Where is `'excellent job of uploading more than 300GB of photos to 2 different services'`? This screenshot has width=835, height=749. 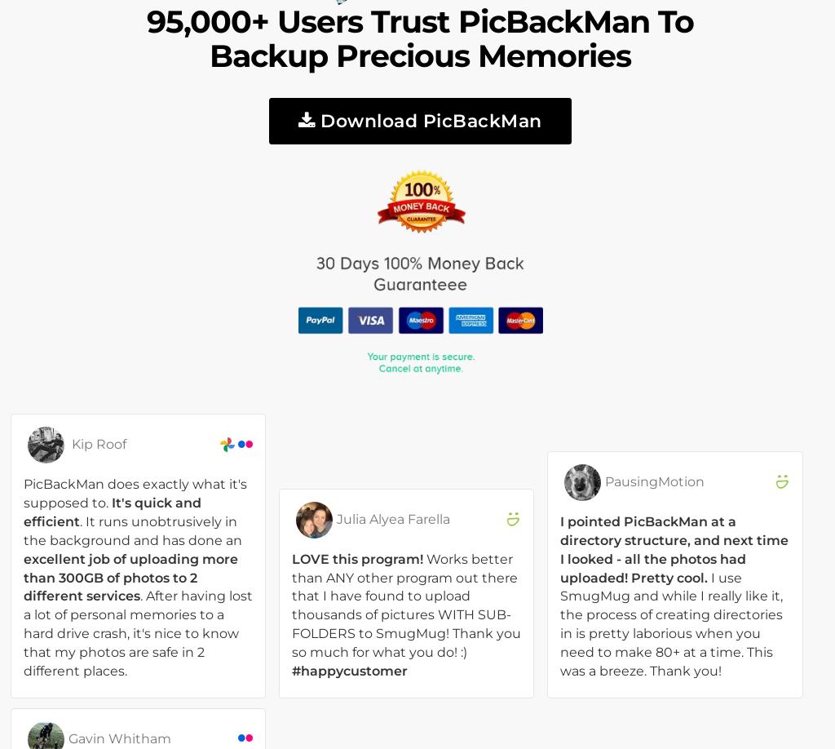
'excellent job of uploading more than 300GB of photos to 2 different services' is located at coordinates (130, 576).